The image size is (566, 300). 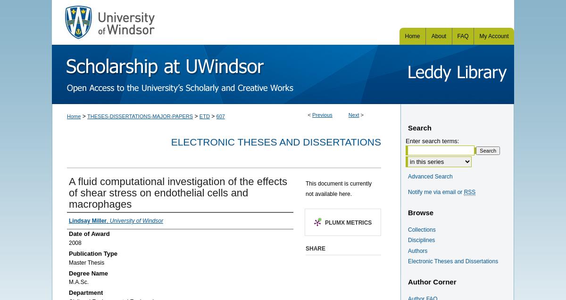 I want to click on 'Publication Type', so click(x=92, y=252).